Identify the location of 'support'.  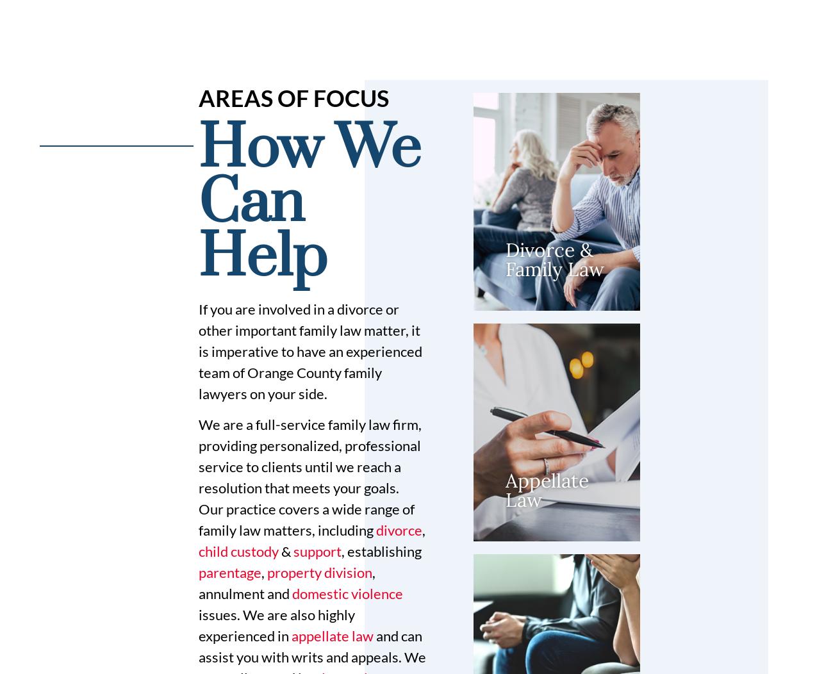
(292, 550).